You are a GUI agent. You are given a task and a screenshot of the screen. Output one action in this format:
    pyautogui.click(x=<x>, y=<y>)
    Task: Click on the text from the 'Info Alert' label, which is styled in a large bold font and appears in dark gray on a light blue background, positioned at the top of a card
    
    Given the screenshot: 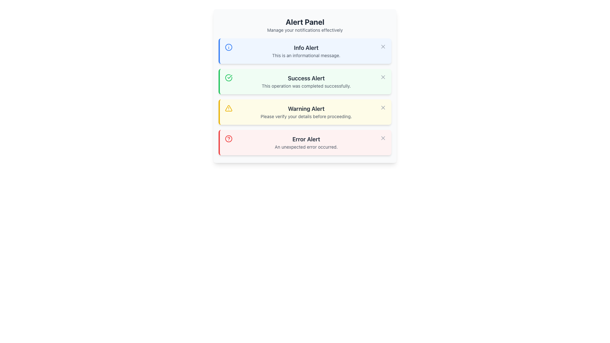 What is the action you would take?
    pyautogui.click(x=306, y=47)
    